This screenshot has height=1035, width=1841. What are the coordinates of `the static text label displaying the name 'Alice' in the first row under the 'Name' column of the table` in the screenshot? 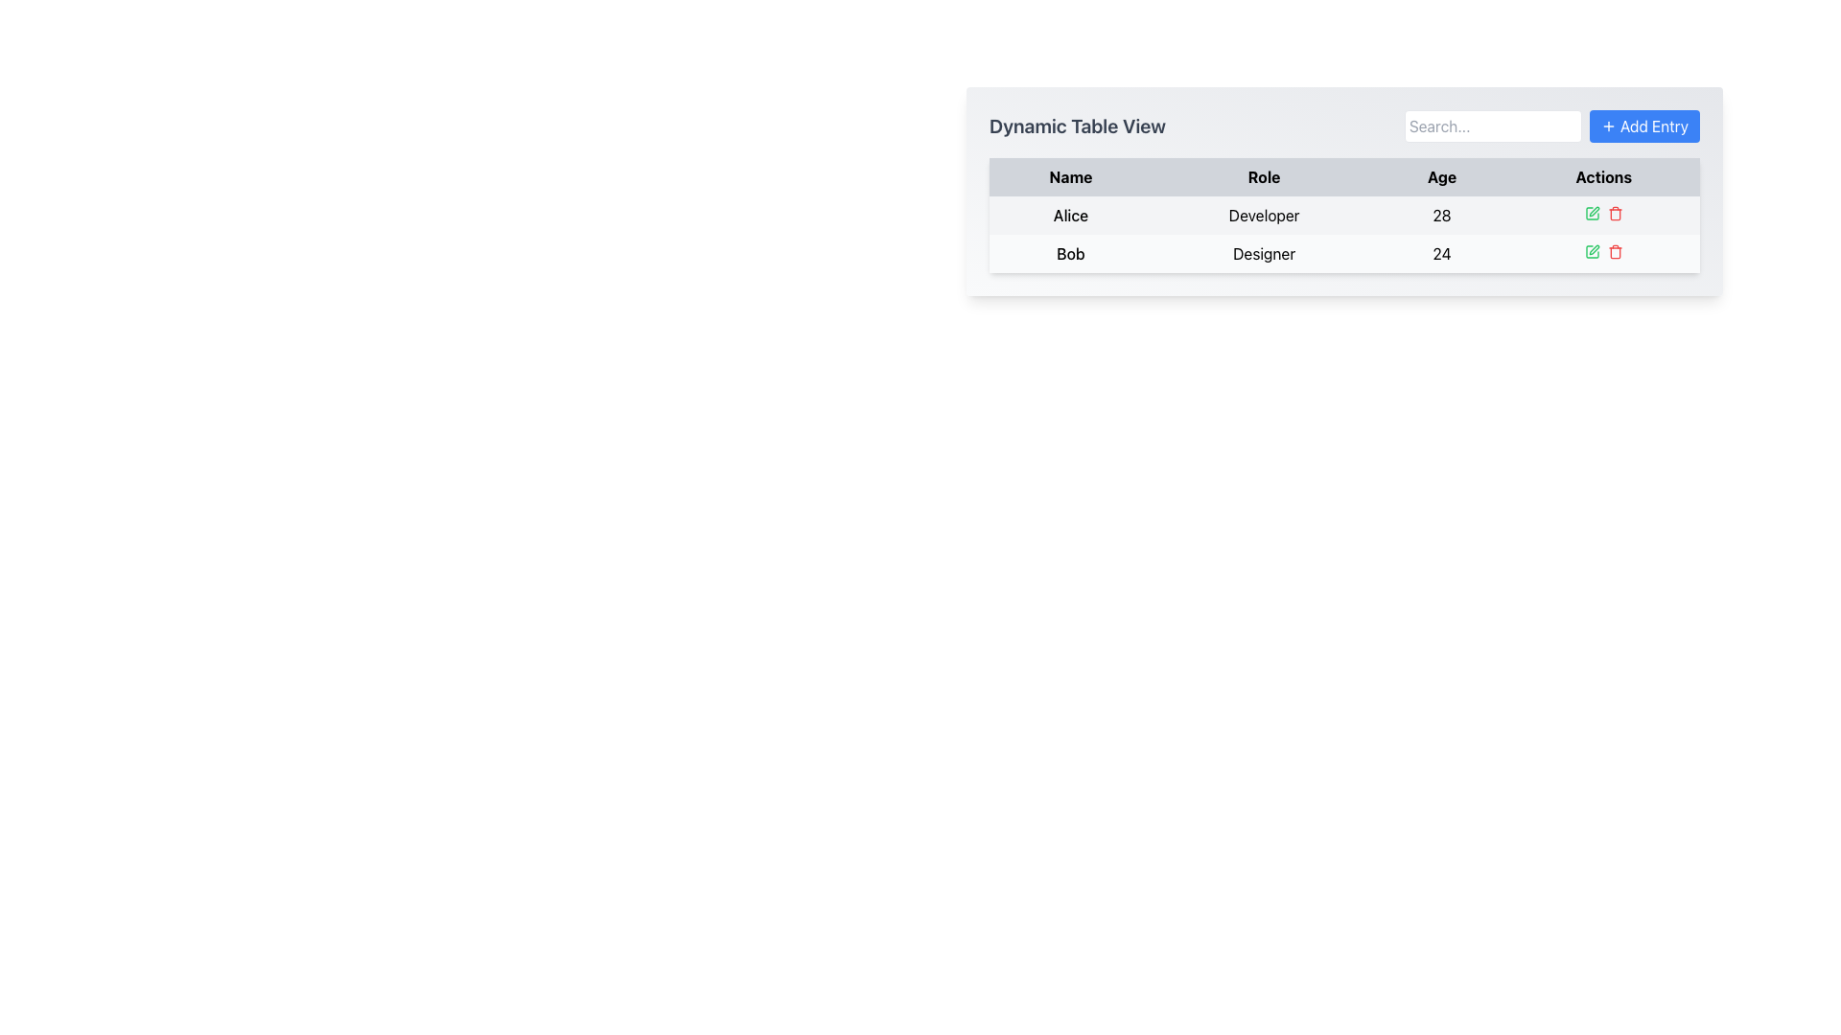 It's located at (1069, 215).